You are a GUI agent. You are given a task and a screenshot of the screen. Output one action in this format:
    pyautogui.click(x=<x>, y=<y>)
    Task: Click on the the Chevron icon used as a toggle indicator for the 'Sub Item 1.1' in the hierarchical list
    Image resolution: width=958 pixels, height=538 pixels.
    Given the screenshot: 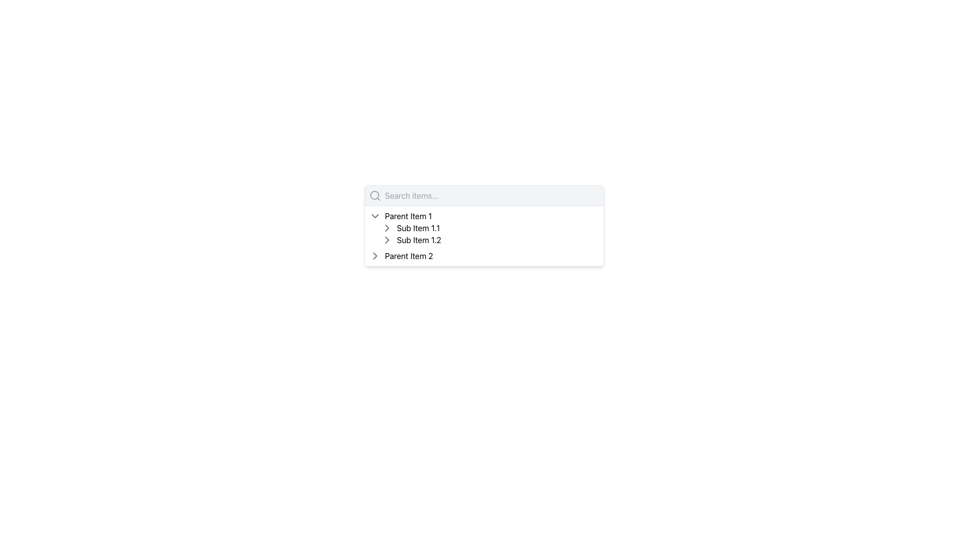 What is the action you would take?
    pyautogui.click(x=386, y=228)
    